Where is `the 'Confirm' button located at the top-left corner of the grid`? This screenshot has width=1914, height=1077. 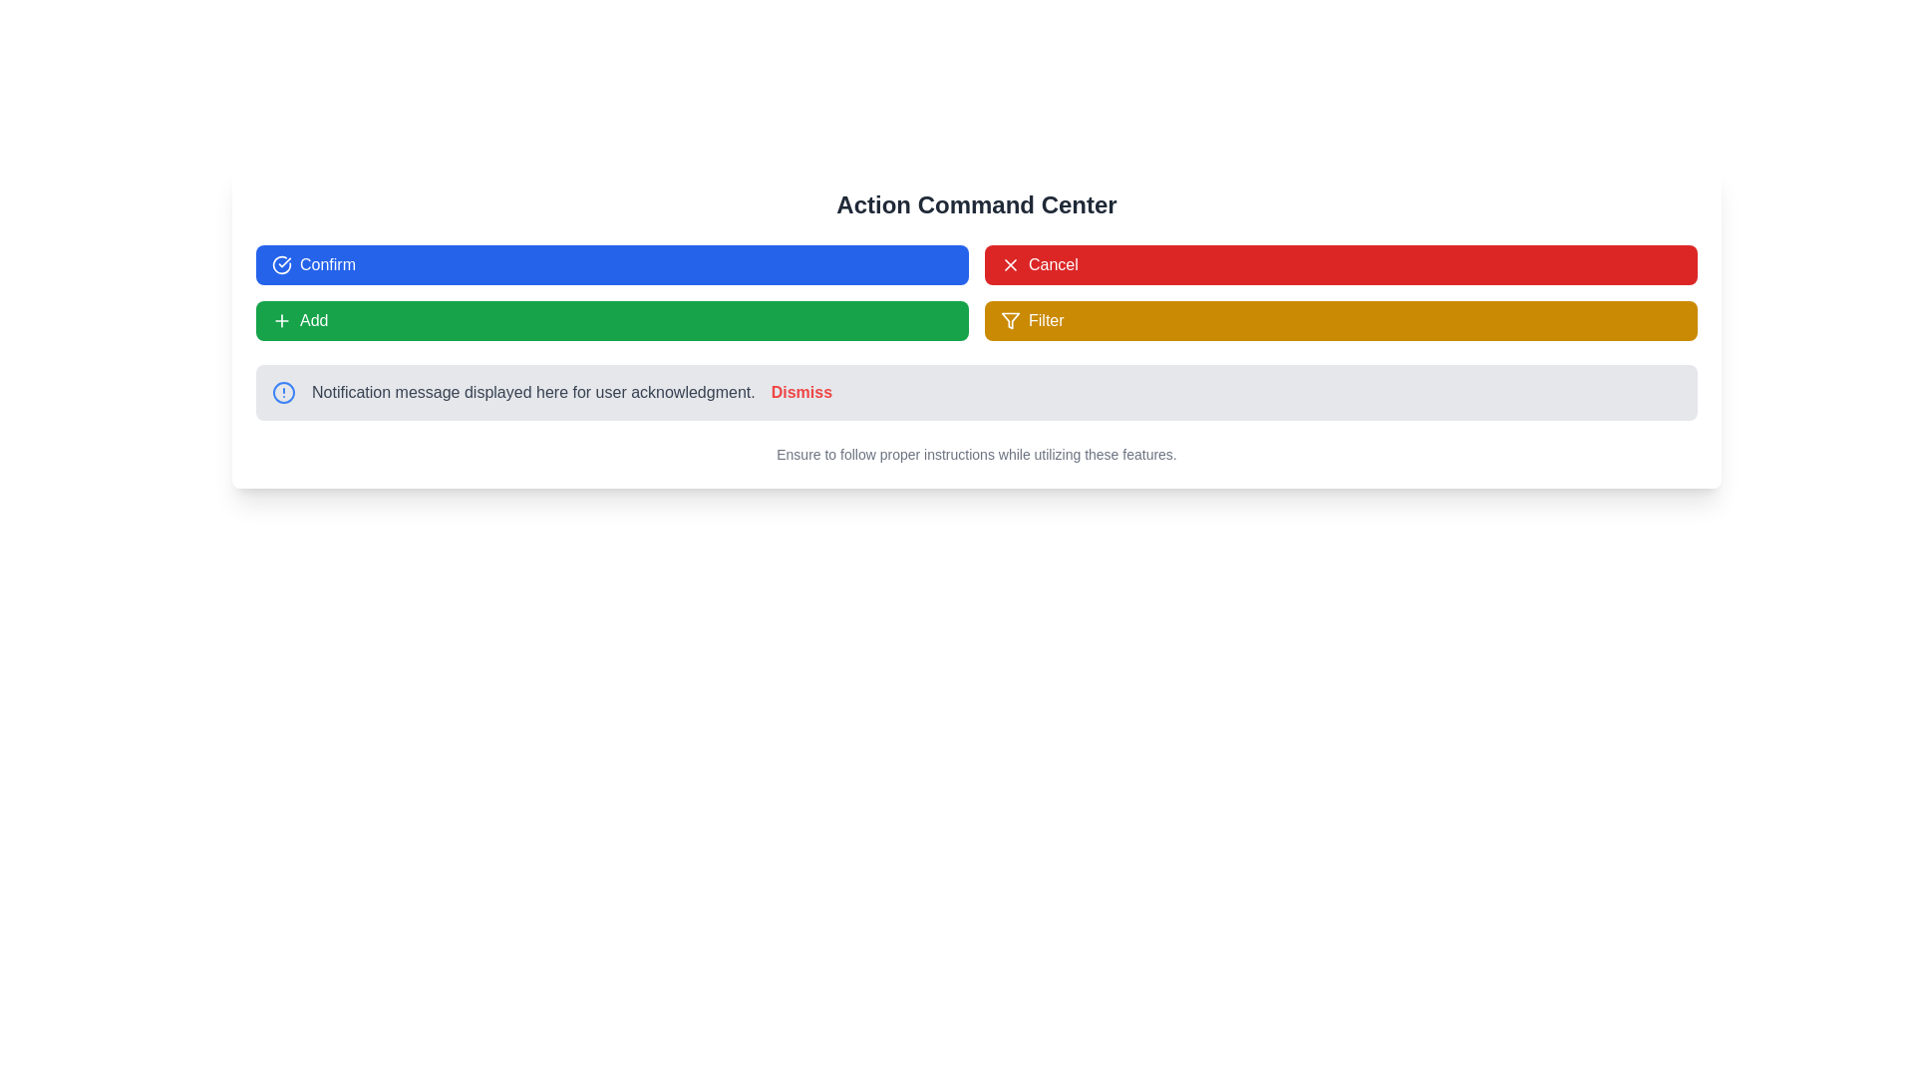
the 'Confirm' button located at the top-left corner of the grid is located at coordinates (611, 264).